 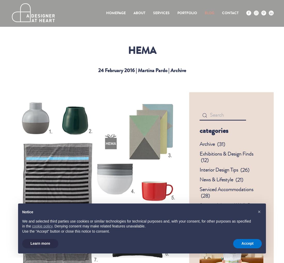 What do you see at coordinates (116, 70) in the screenshot?
I see `'24 February 2016'` at bounding box center [116, 70].